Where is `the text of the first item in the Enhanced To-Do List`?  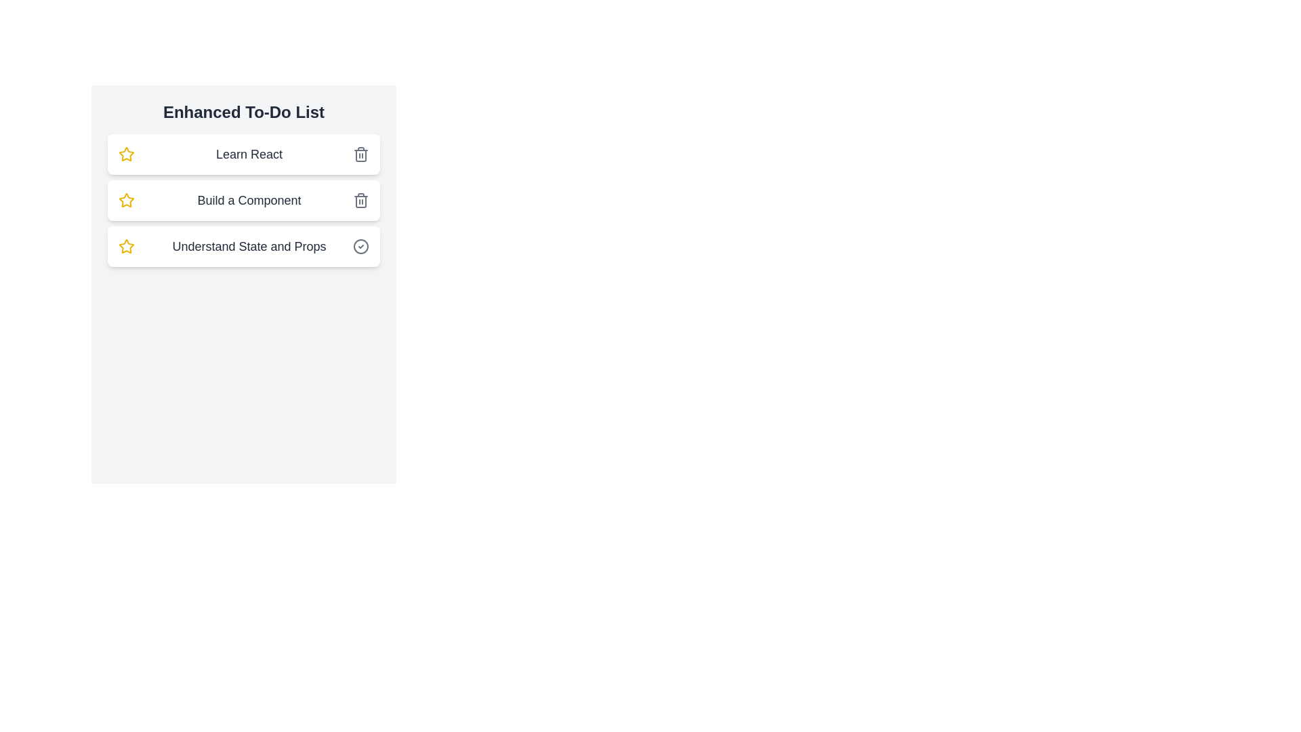 the text of the first item in the Enhanced To-Do List is located at coordinates (244, 153).